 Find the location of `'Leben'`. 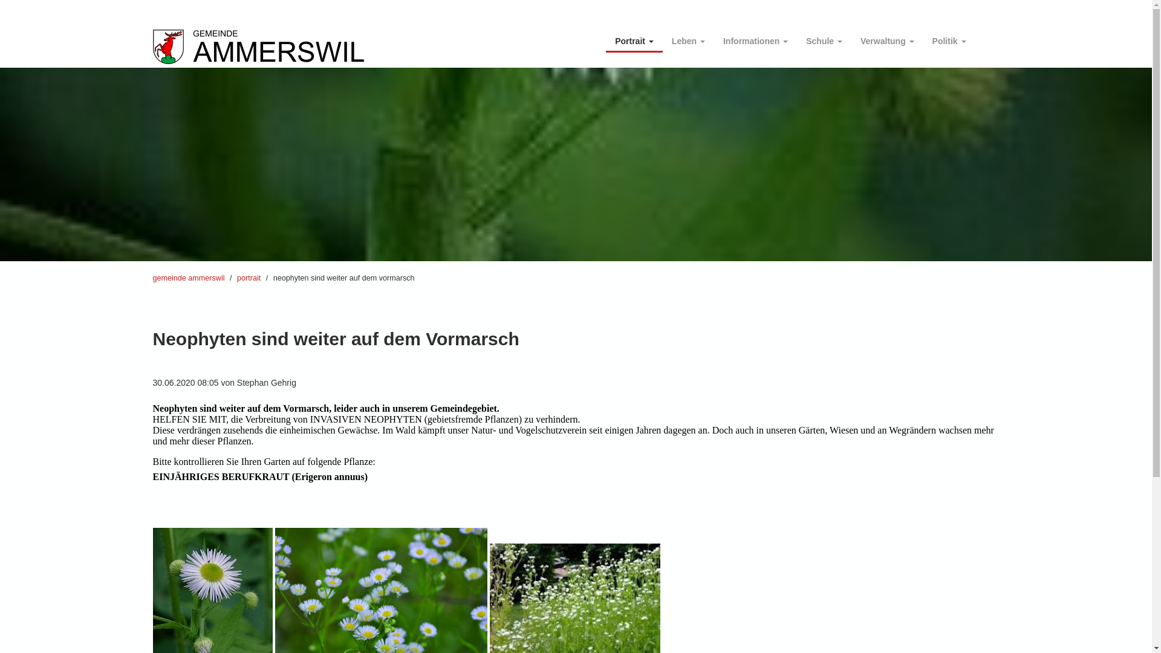

'Leben' is located at coordinates (688, 37).